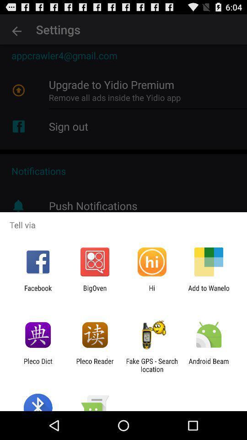 Image resolution: width=247 pixels, height=440 pixels. Describe the element at coordinates (209, 365) in the screenshot. I see `android beam` at that location.